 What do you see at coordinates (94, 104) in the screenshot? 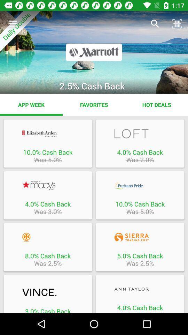
I see `item to the right of app week app` at bounding box center [94, 104].